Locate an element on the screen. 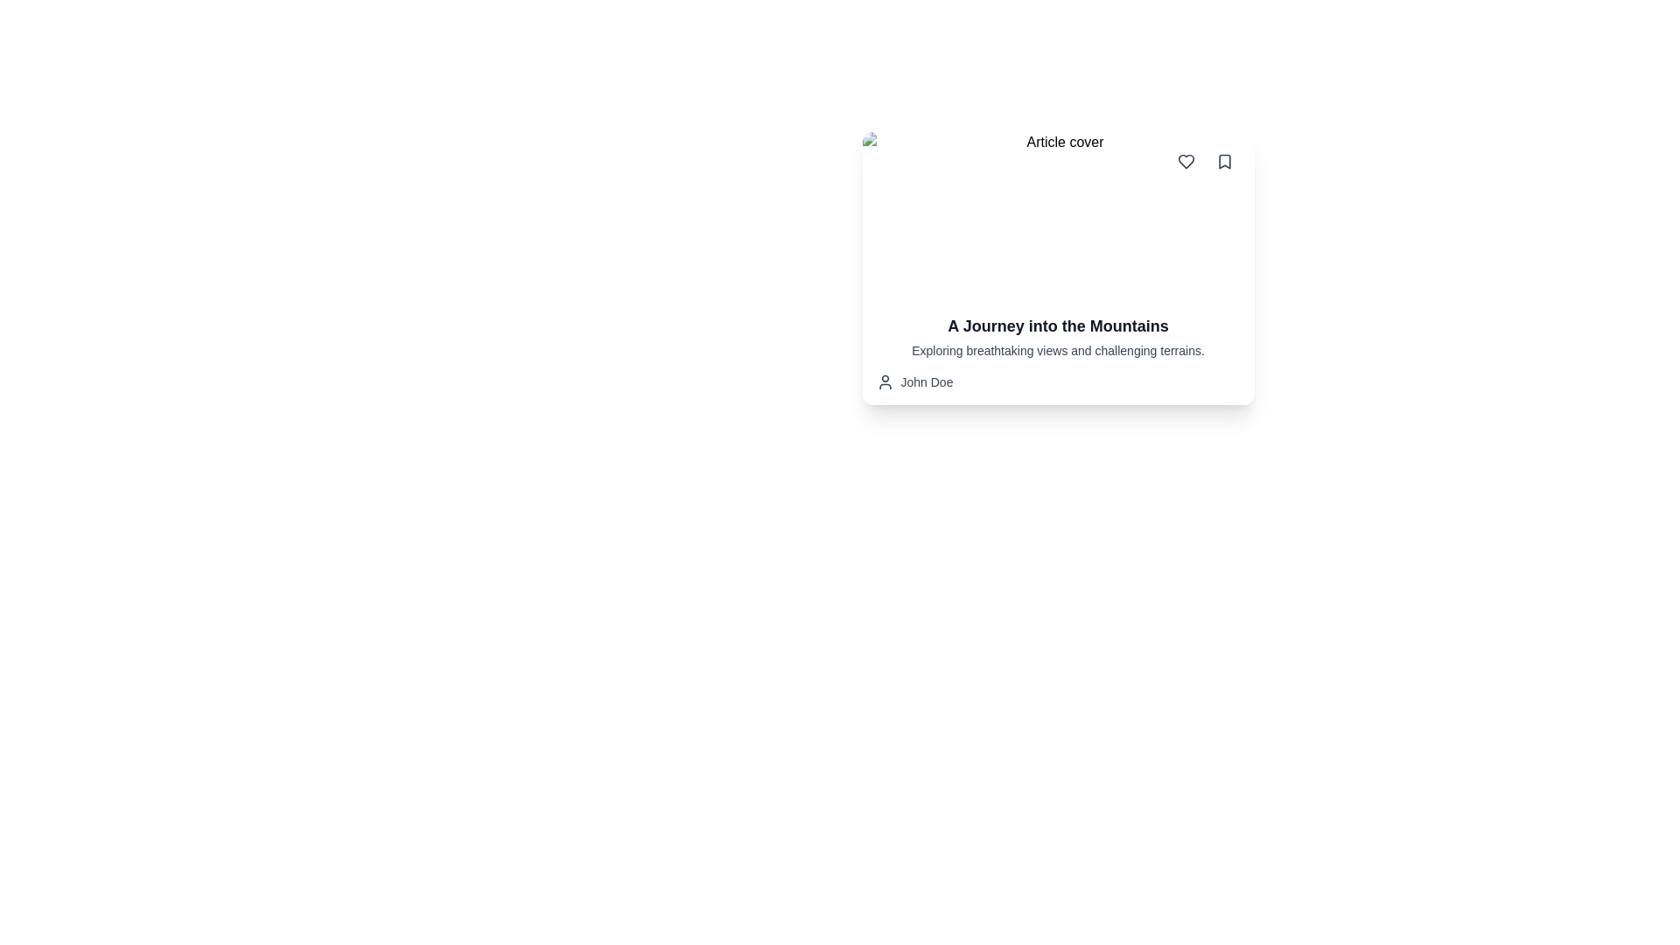 The height and width of the screenshot is (945, 1680). the bold, large headline text element that is centrally aligned above a subtitle in the content section is located at coordinates (1057, 326).